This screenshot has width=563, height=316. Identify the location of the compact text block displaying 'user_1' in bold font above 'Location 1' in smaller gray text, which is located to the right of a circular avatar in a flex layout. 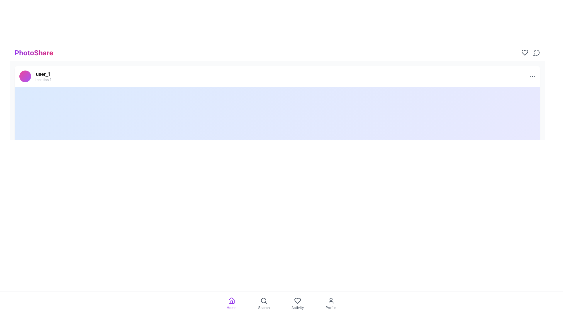
(43, 76).